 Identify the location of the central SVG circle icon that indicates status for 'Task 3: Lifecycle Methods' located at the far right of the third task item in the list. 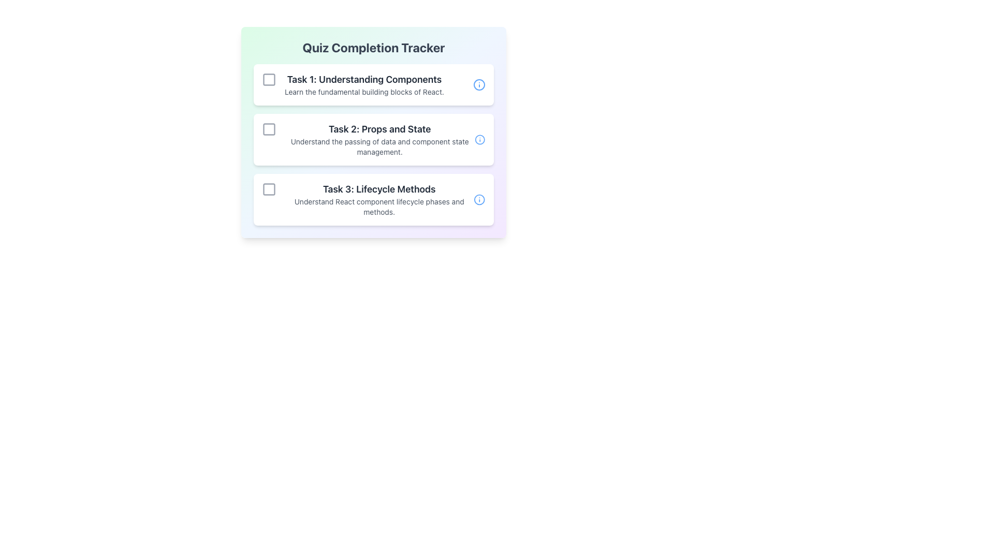
(479, 199).